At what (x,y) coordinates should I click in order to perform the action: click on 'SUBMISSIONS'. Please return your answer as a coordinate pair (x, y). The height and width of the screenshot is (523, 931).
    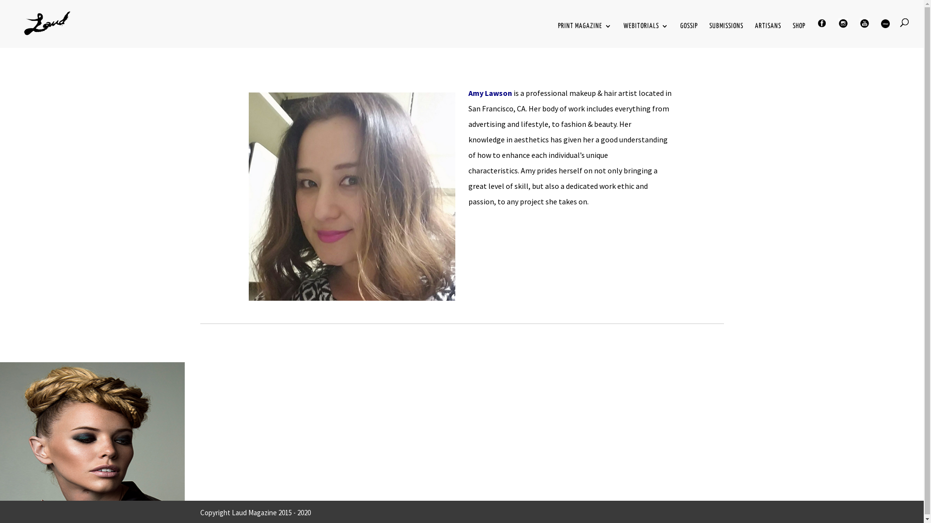
    Looking at the image, I should click on (726, 35).